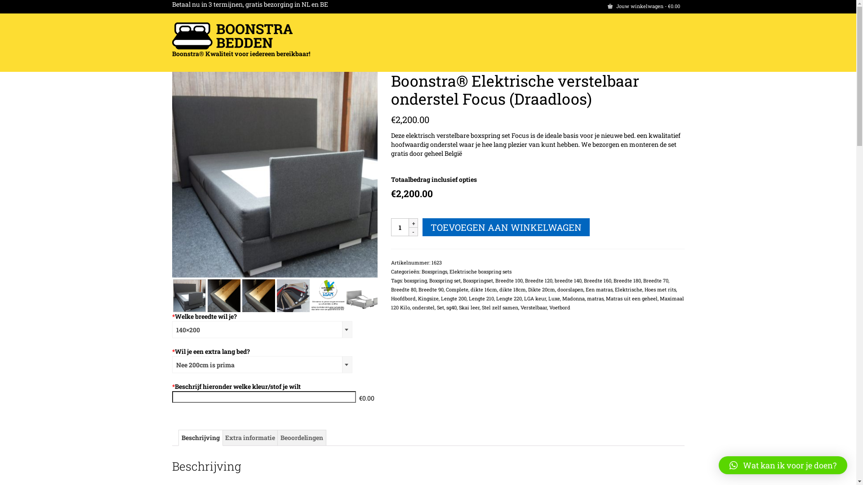 This screenshot has width=863, height=485. I want to click on 'Matras uit een geheel', so click(606, 298).